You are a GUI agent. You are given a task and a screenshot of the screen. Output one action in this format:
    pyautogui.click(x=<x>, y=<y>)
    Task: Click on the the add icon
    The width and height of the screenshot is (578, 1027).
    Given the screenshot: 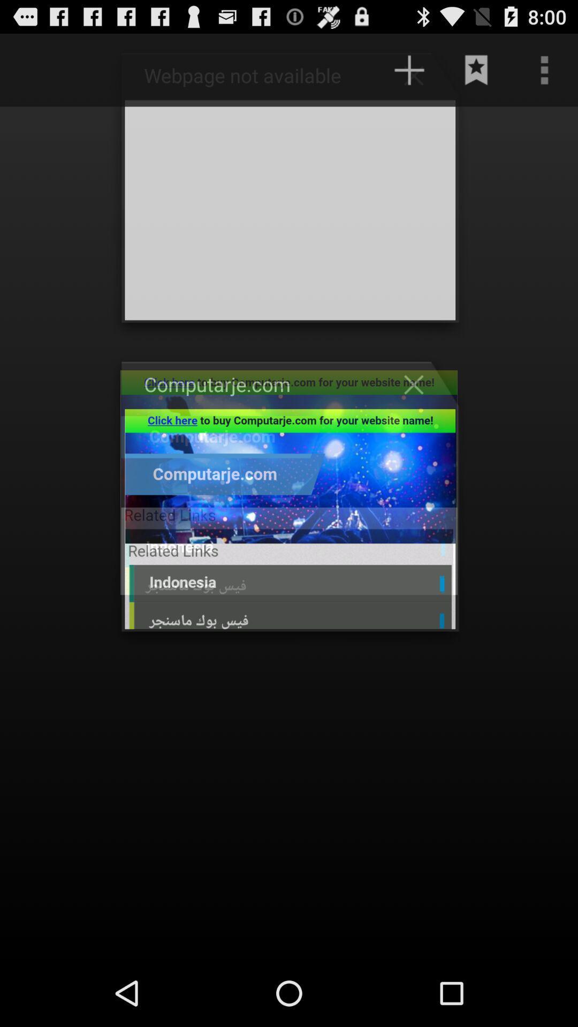 What is the action you would take?
    pyautogui.click(x=409, y=74)
    